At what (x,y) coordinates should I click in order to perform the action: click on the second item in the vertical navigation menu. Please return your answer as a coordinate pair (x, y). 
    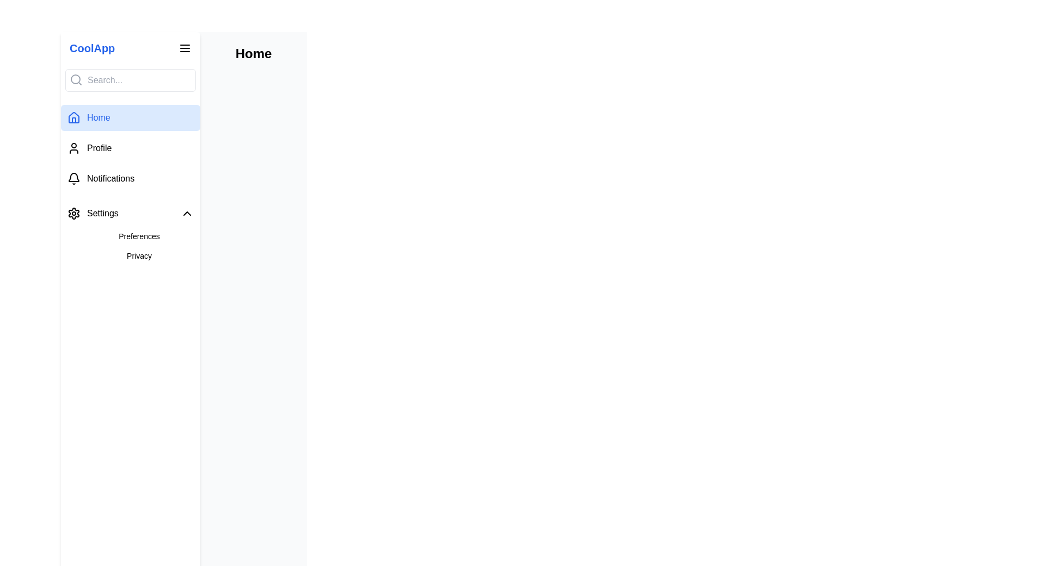
    Looking at the image, I should click on (99, 148).